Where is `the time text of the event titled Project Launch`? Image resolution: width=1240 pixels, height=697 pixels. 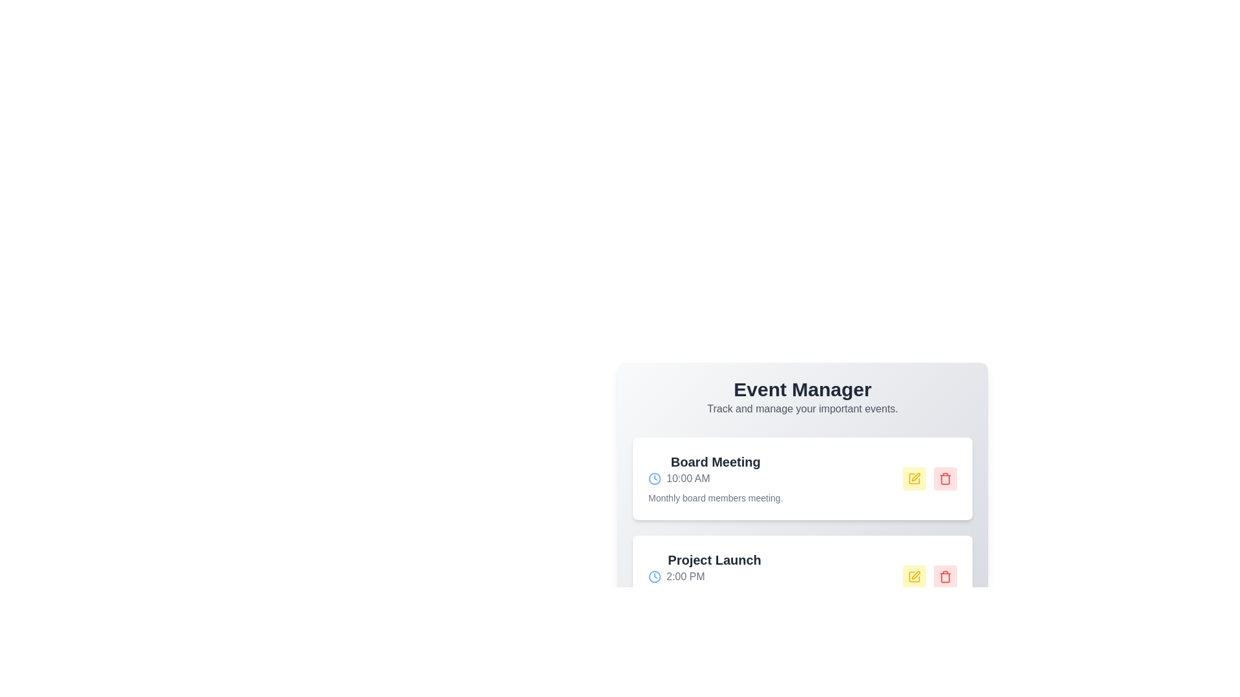
the time text of the event titled Project Launch is located at coordinates (714, 576).